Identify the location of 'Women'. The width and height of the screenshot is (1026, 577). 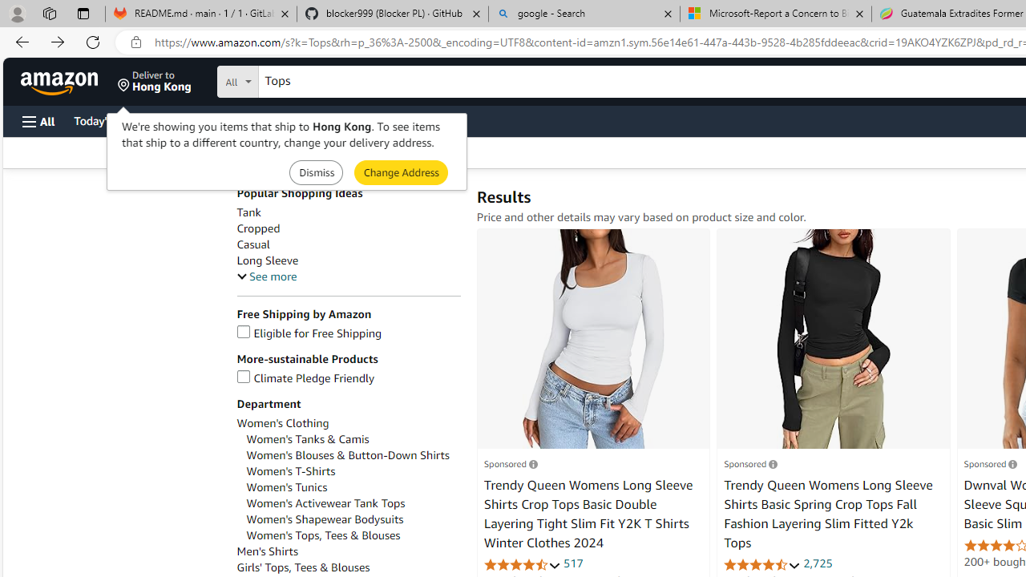
(290, 470).